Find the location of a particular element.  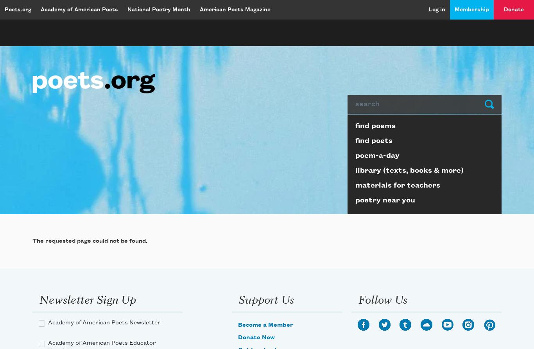

'Log in' is located at coordinates (436, 10).